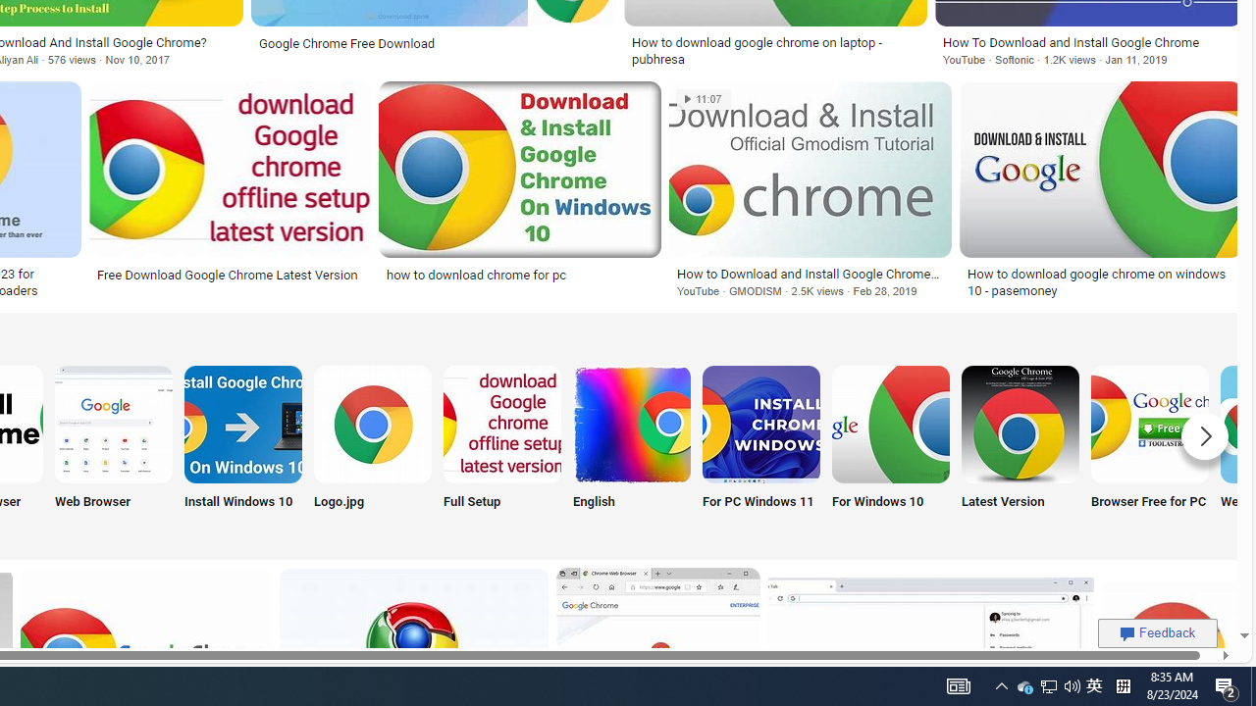 This screenshot has height=706, width=1256. Describe the element at coordinates (373, 448) in the screenshot. I see `'Logo.jpg'` at that location.